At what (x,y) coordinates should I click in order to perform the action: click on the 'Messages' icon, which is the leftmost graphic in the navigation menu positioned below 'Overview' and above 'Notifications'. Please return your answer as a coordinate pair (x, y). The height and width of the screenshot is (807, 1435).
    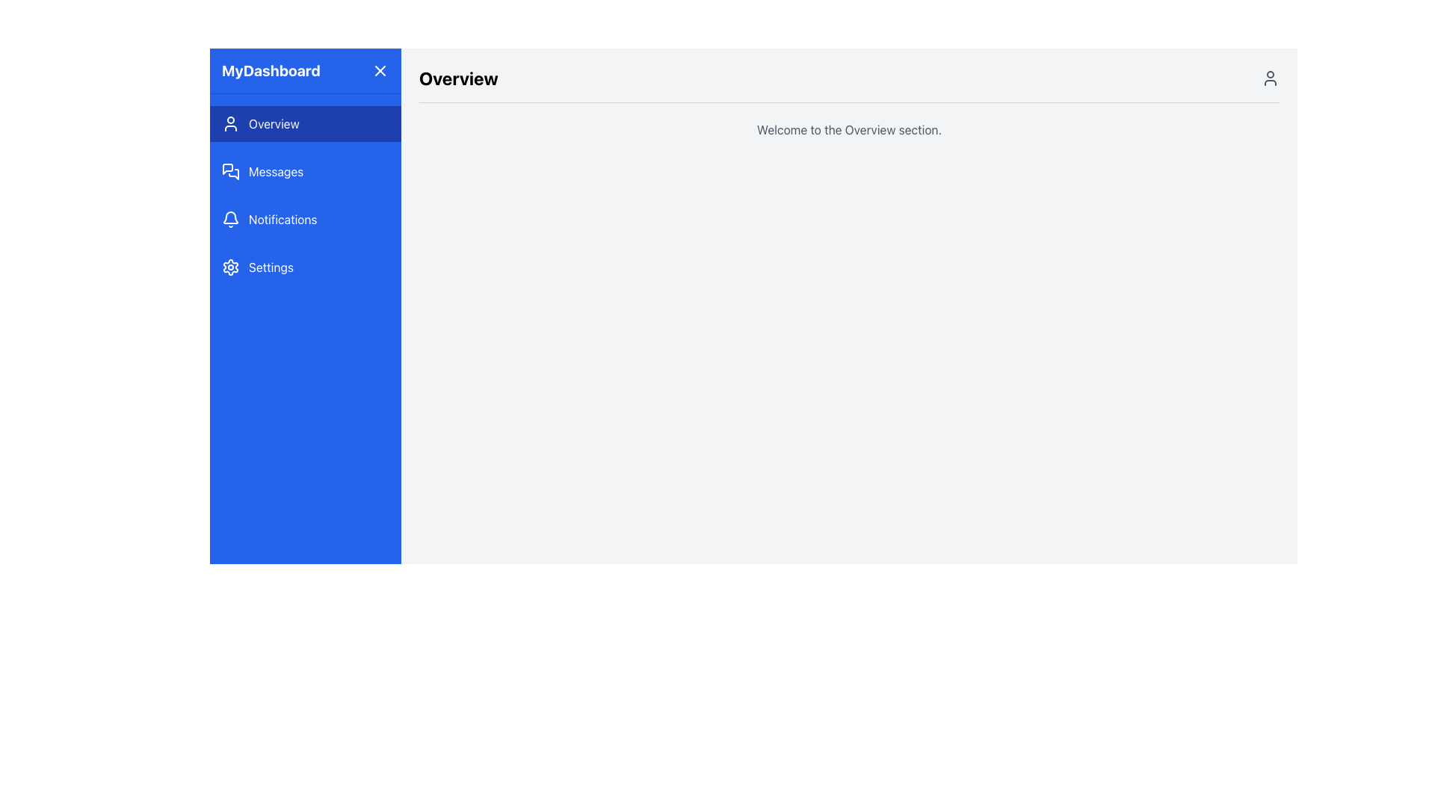
    Looking at the image, I should click on (227, 168).